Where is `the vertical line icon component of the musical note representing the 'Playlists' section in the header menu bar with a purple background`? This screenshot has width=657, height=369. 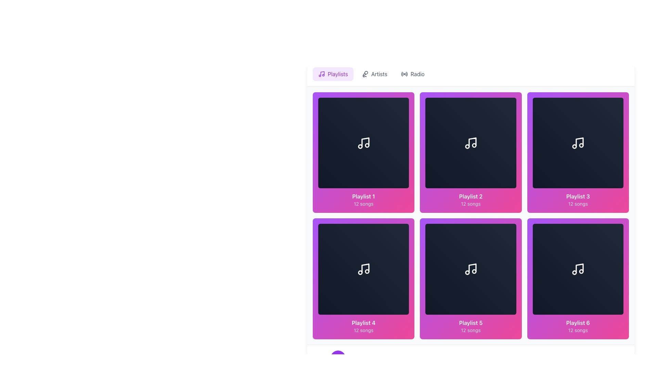
the vertical line icon component of the musical note representing the 'Playlists' section in the header menu bar with a purple background is located at coordinates (322, 73).